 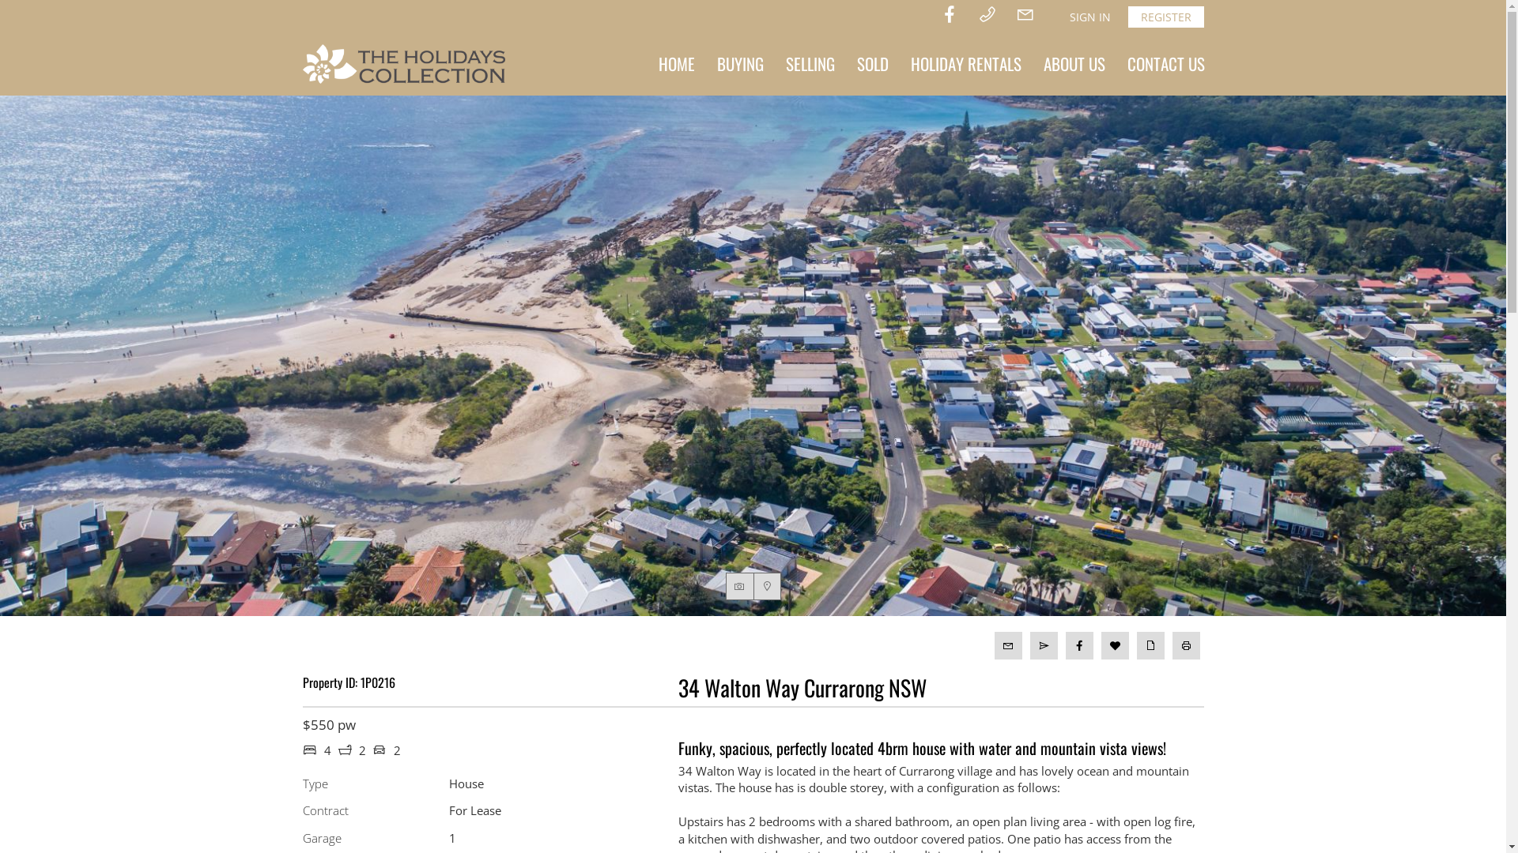 What do you see at coordinates (1088, 17) in the screenshot?
I see `'SIGN IN'` at bounding box center [1088, 17].